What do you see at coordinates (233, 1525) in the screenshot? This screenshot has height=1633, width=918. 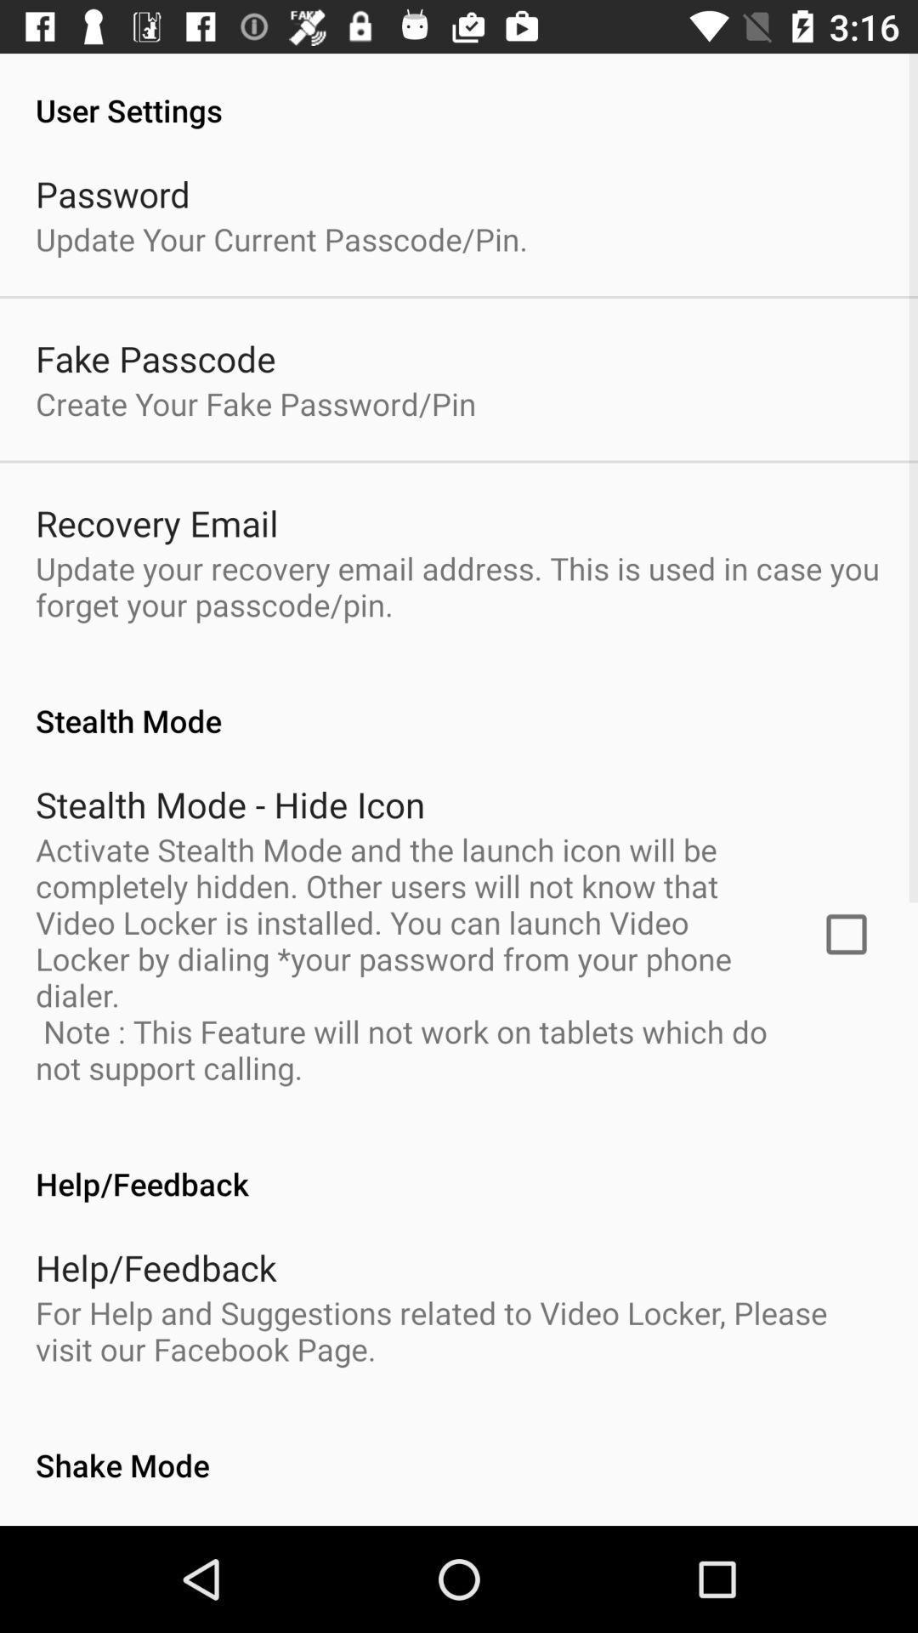 I see `the shake phone to app` at bounding box center [233, 1525].